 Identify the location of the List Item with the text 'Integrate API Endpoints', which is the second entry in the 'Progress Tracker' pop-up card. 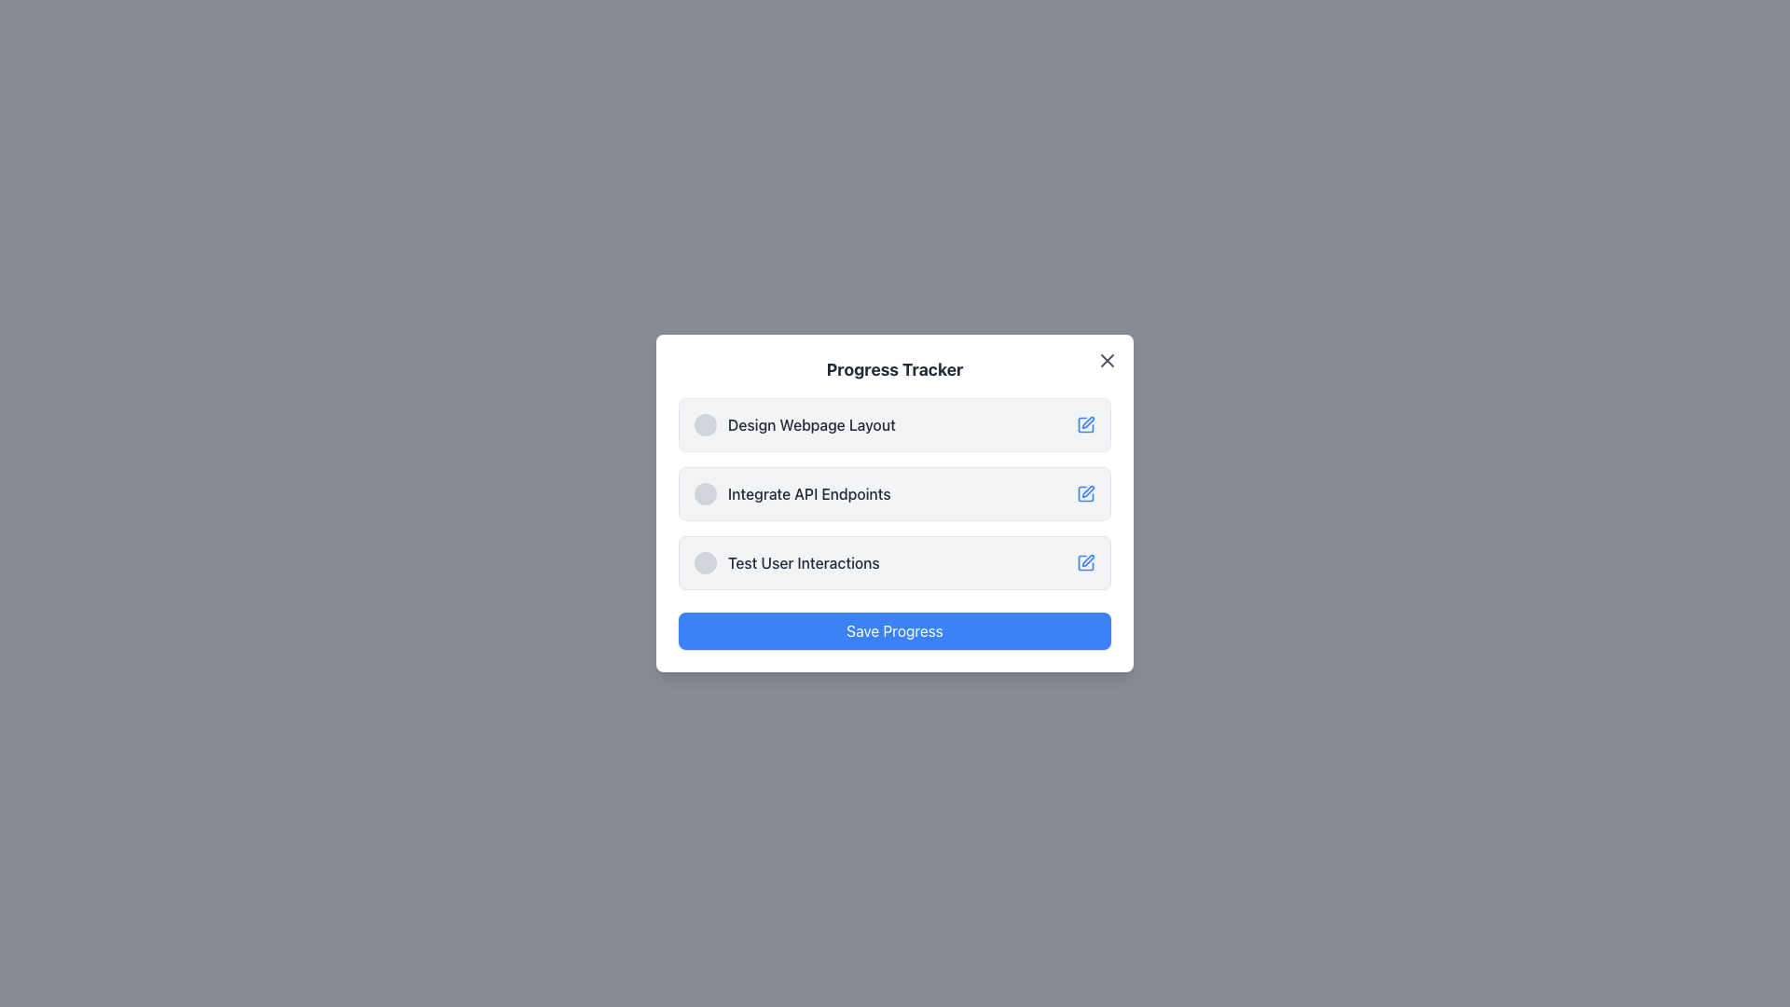
(792, 492).